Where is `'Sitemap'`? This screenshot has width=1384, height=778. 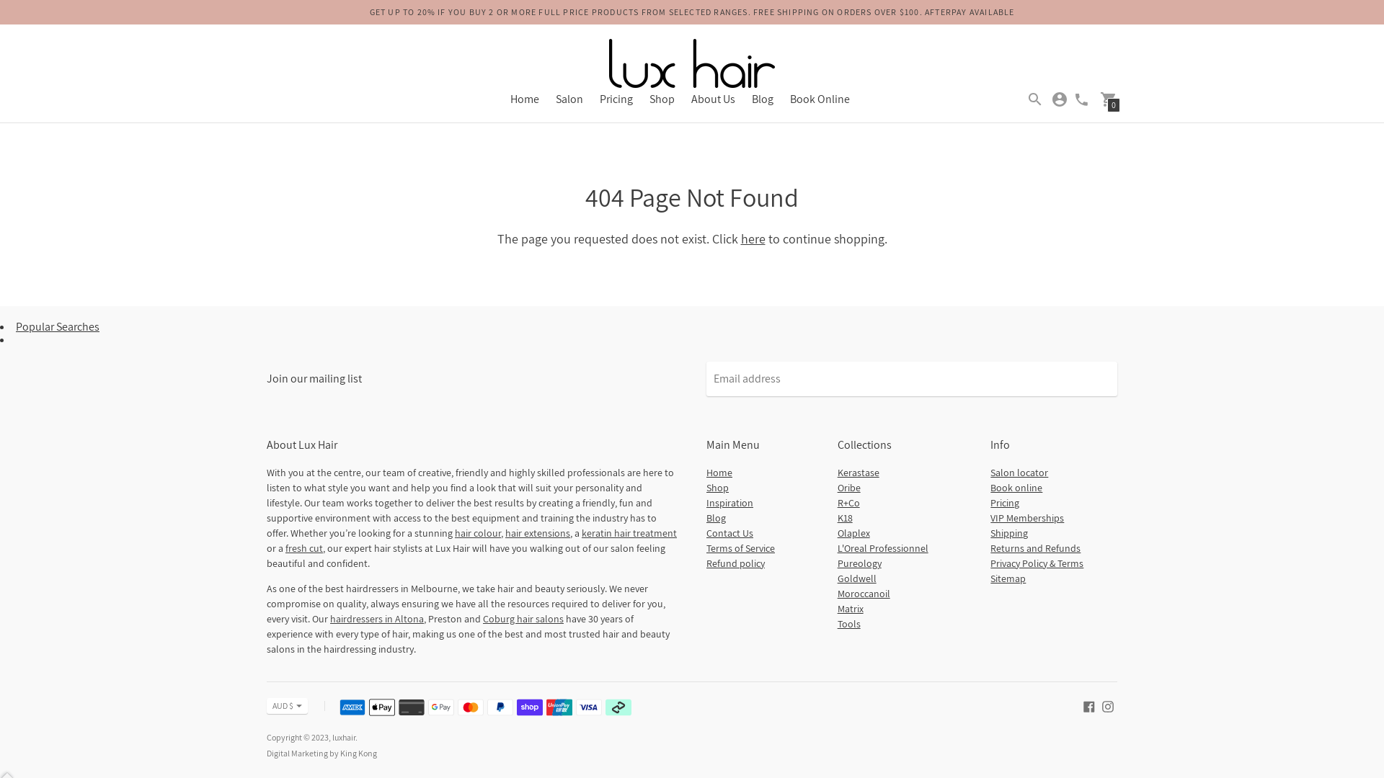 'Sitemap' is located at coordinates (1007, 577).